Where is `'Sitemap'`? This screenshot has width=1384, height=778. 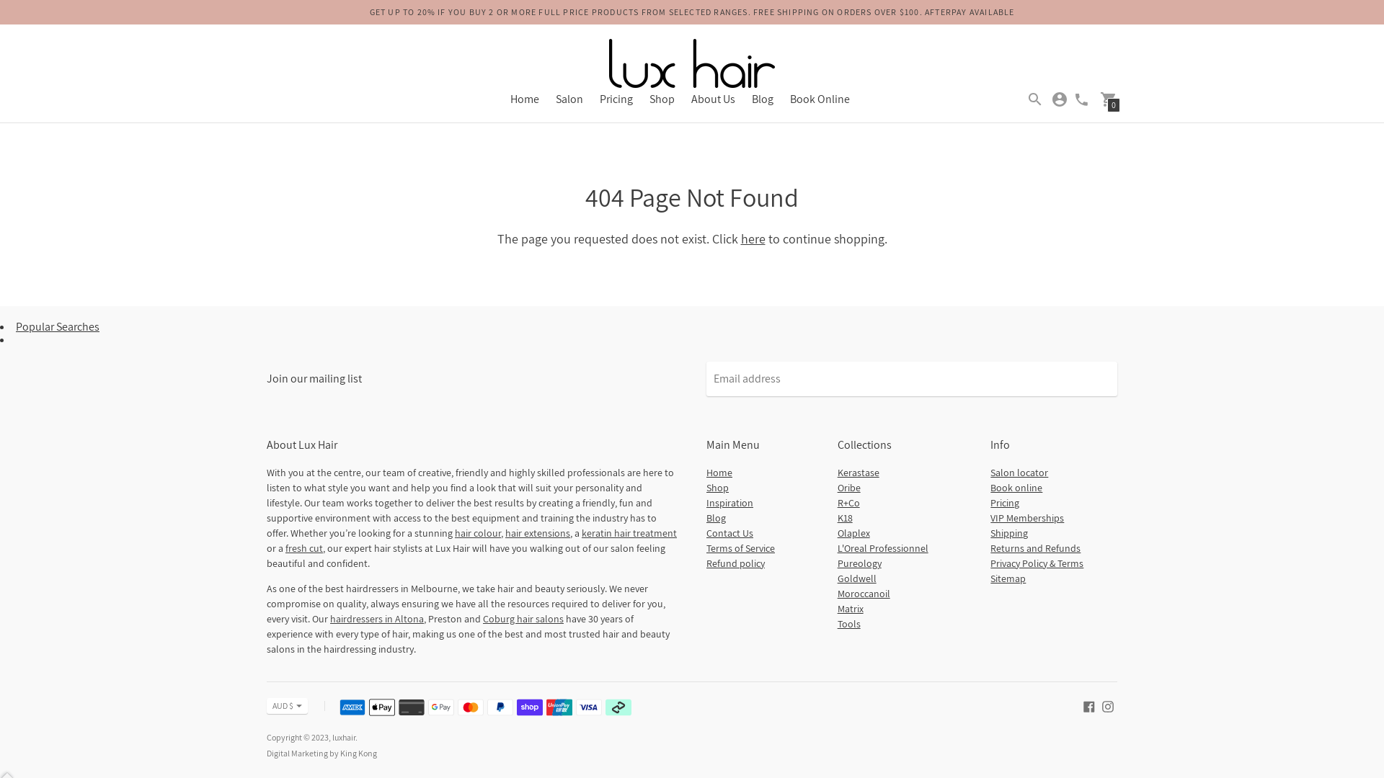 'Sitemap' is located at coordinates (1007, 577).